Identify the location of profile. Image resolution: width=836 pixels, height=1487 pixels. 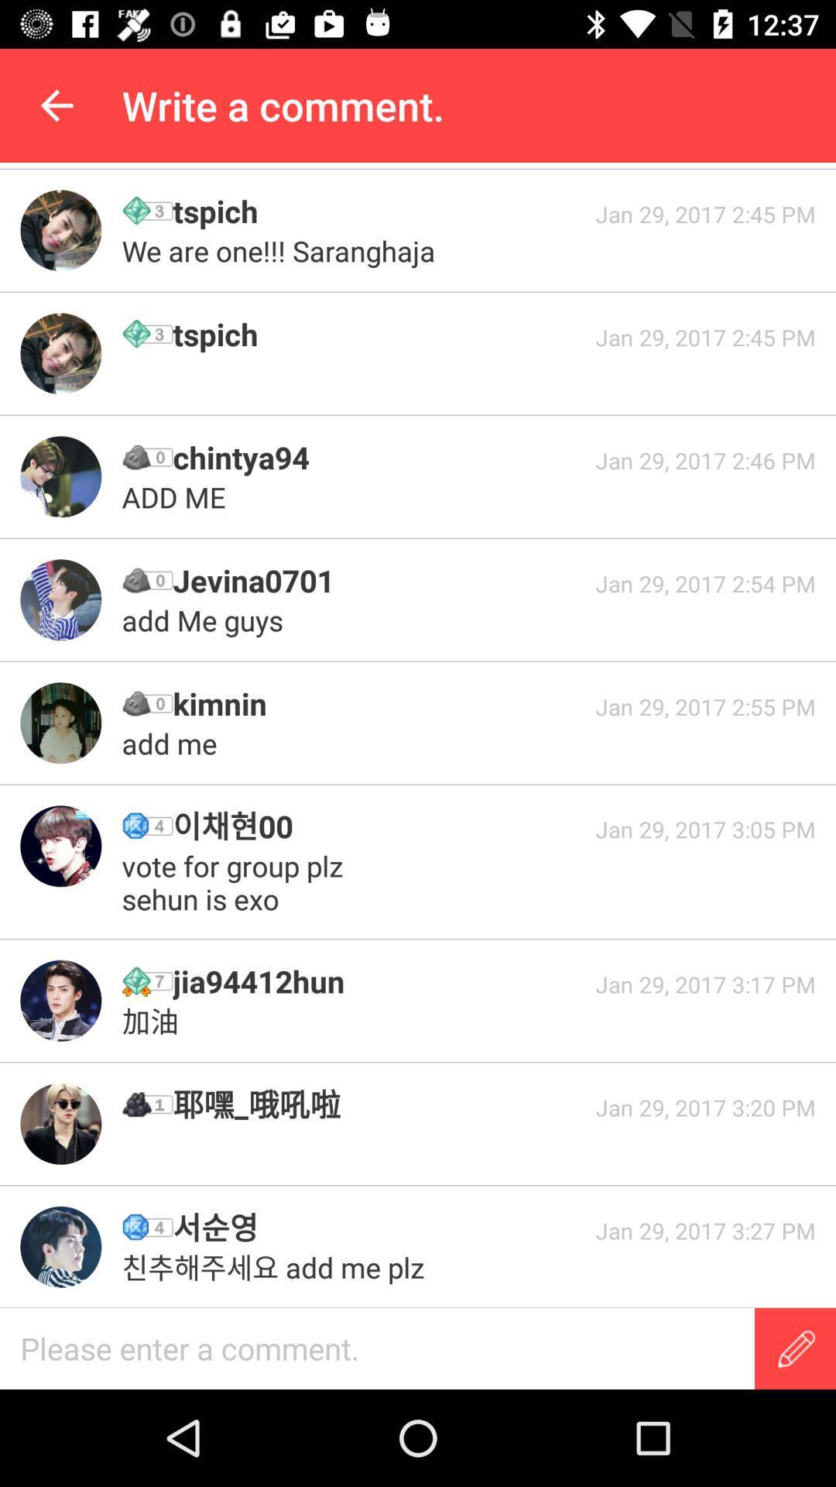
(60, 1247).